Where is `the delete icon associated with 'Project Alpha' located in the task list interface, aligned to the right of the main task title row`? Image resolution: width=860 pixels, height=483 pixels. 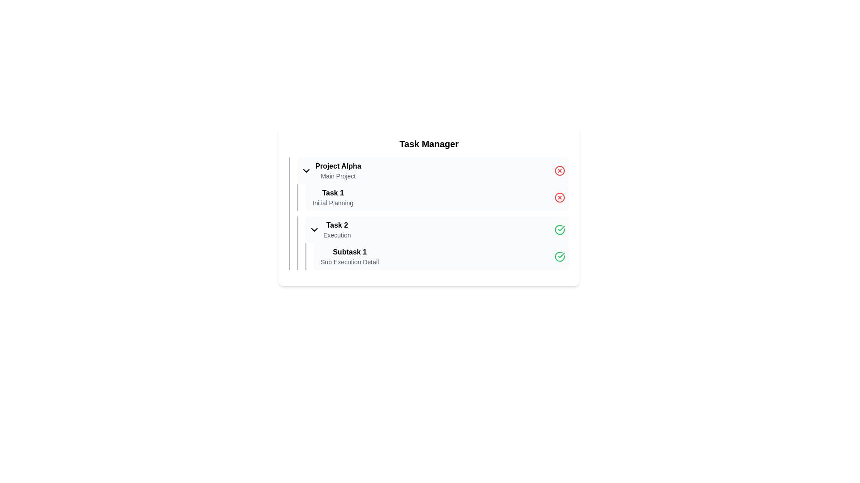 the delete icon associated with 'Project Alpha' located in the task list interface, aligned to the right of the main task title row is located at coordinates (559, 170).